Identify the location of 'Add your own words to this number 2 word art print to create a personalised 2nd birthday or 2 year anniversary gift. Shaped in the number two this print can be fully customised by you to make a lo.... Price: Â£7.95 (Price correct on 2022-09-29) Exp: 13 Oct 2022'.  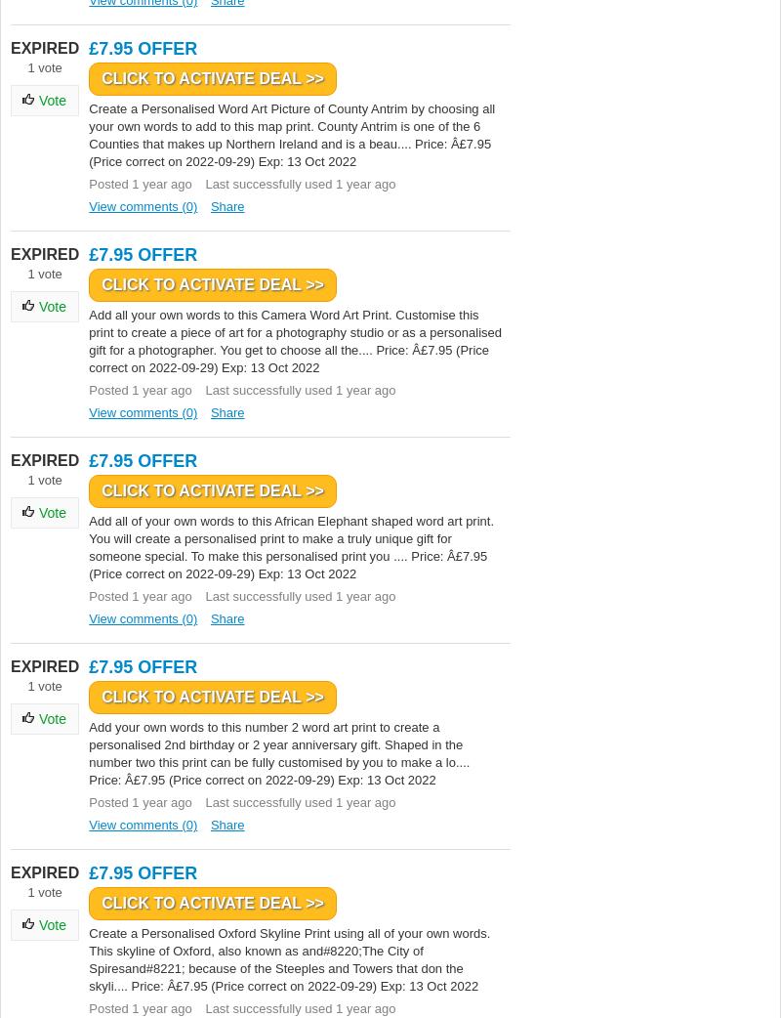
(89, 752).